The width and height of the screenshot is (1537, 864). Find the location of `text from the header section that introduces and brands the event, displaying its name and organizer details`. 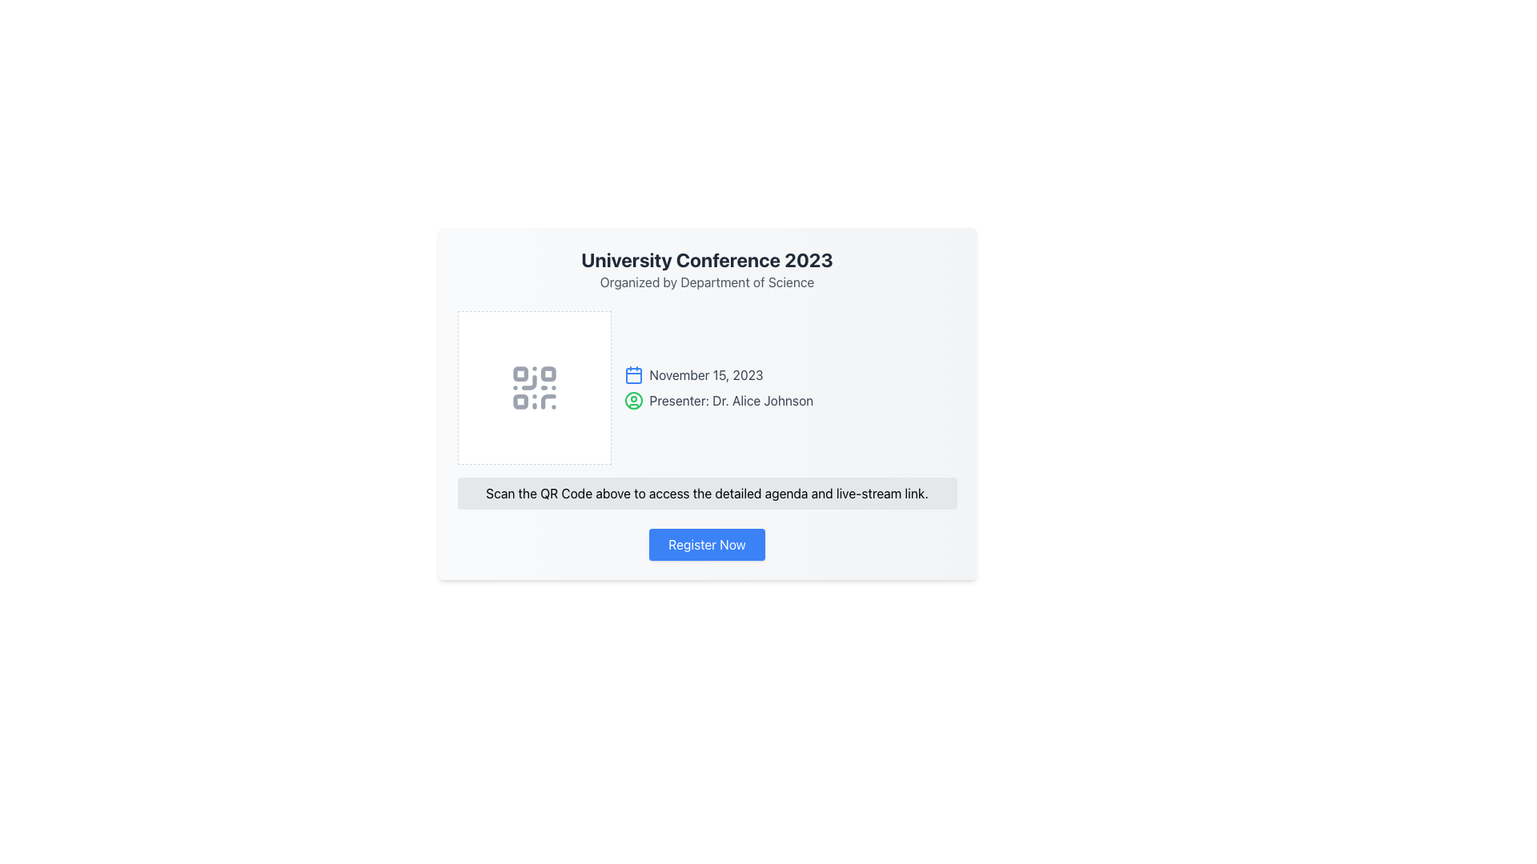

text from the header section that introduces and brands the event, displaying its name and organizer details is located at coordinates (706, 268).